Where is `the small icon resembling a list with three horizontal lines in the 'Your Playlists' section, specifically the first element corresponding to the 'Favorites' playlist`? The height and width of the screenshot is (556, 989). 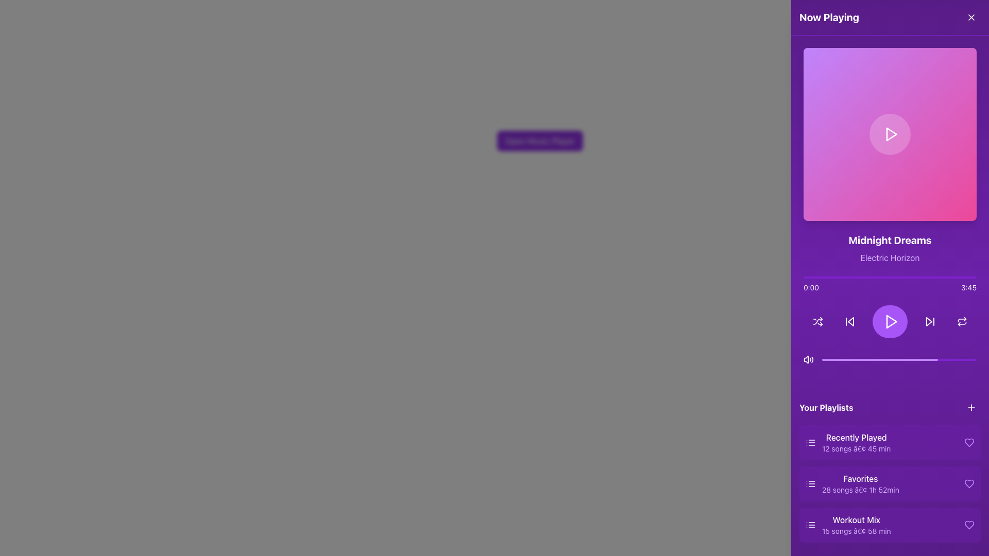
the small icon resembling a list with three horizontal lines in the 'Your Playlists' section, specifically the first element corresponding to the 'Favorites' playlist is located at coordinates (810, 484).